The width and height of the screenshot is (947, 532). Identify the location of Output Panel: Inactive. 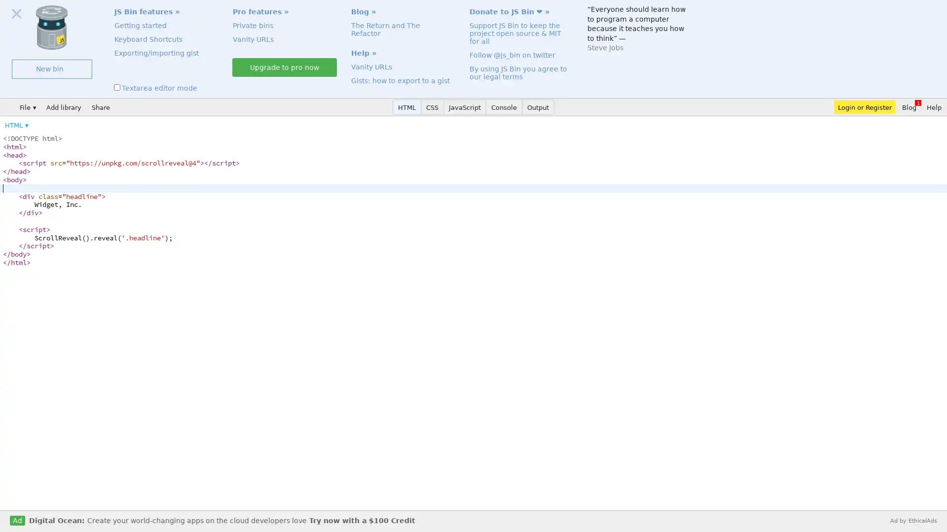
(538, 107).